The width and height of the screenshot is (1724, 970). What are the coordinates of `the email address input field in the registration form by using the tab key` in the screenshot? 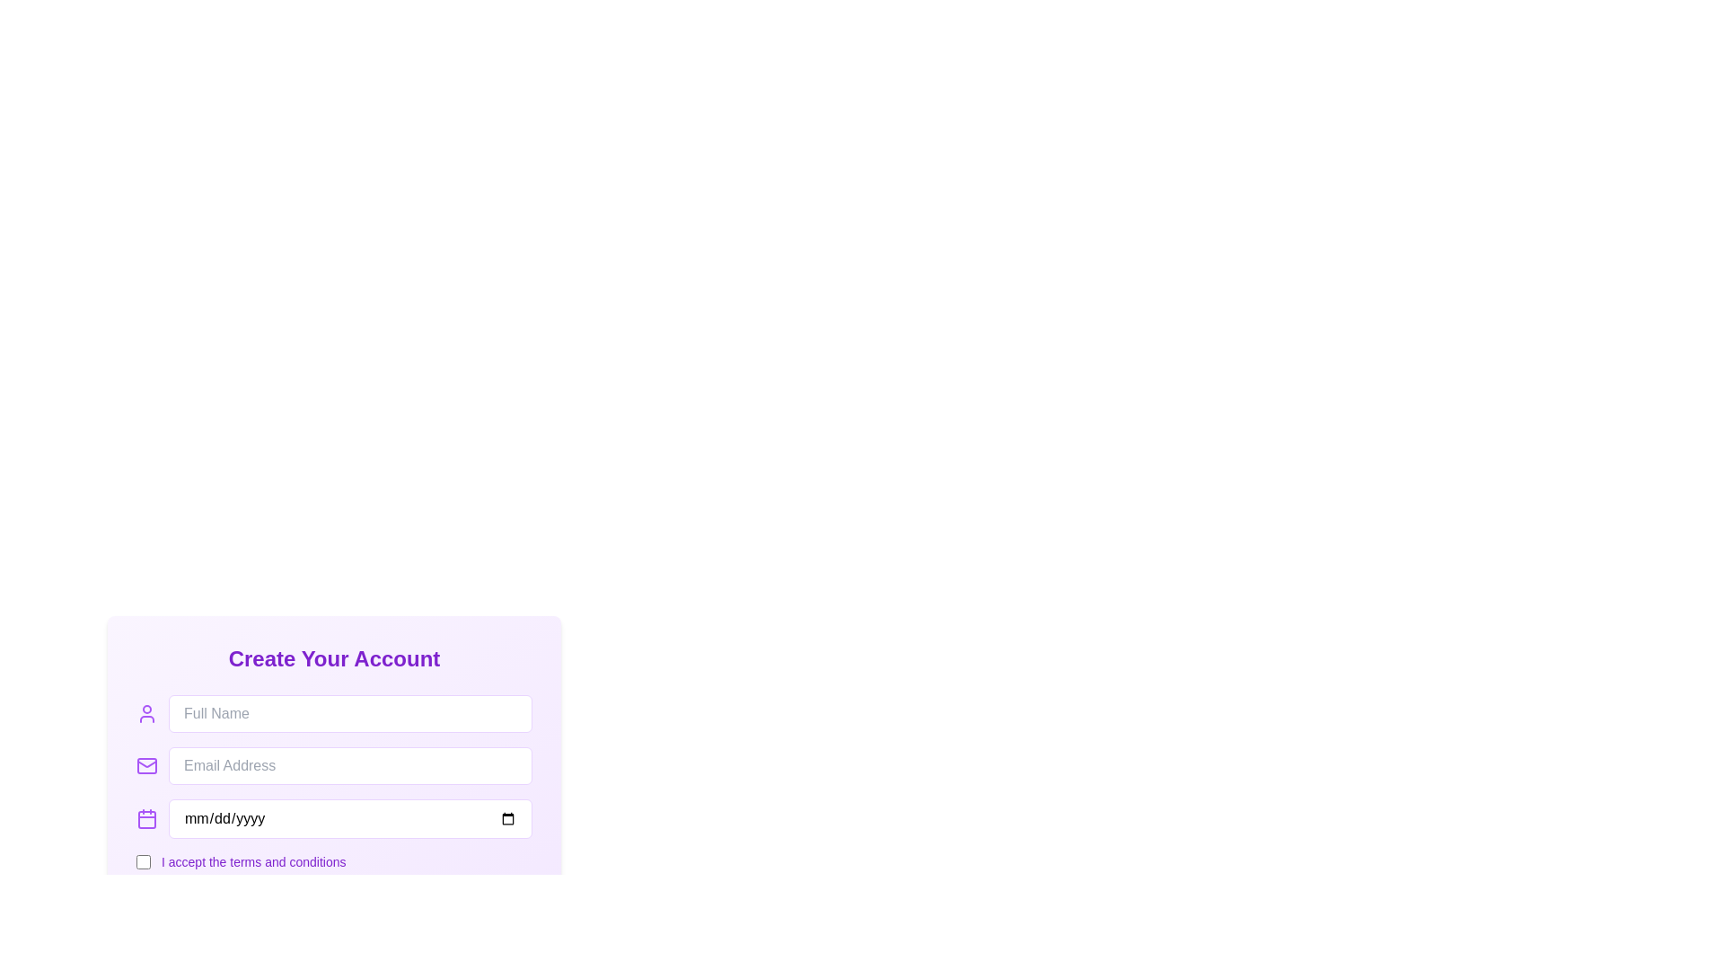 It's located at (350, 765).